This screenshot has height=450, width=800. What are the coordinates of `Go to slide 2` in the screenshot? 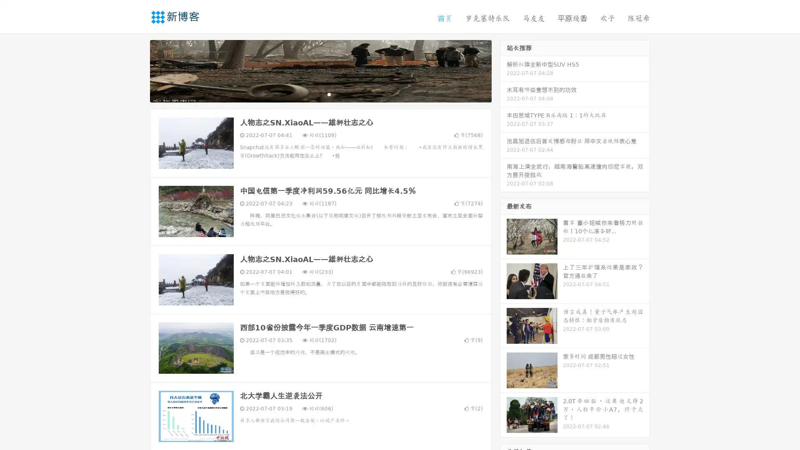 It's located at (320, 94).